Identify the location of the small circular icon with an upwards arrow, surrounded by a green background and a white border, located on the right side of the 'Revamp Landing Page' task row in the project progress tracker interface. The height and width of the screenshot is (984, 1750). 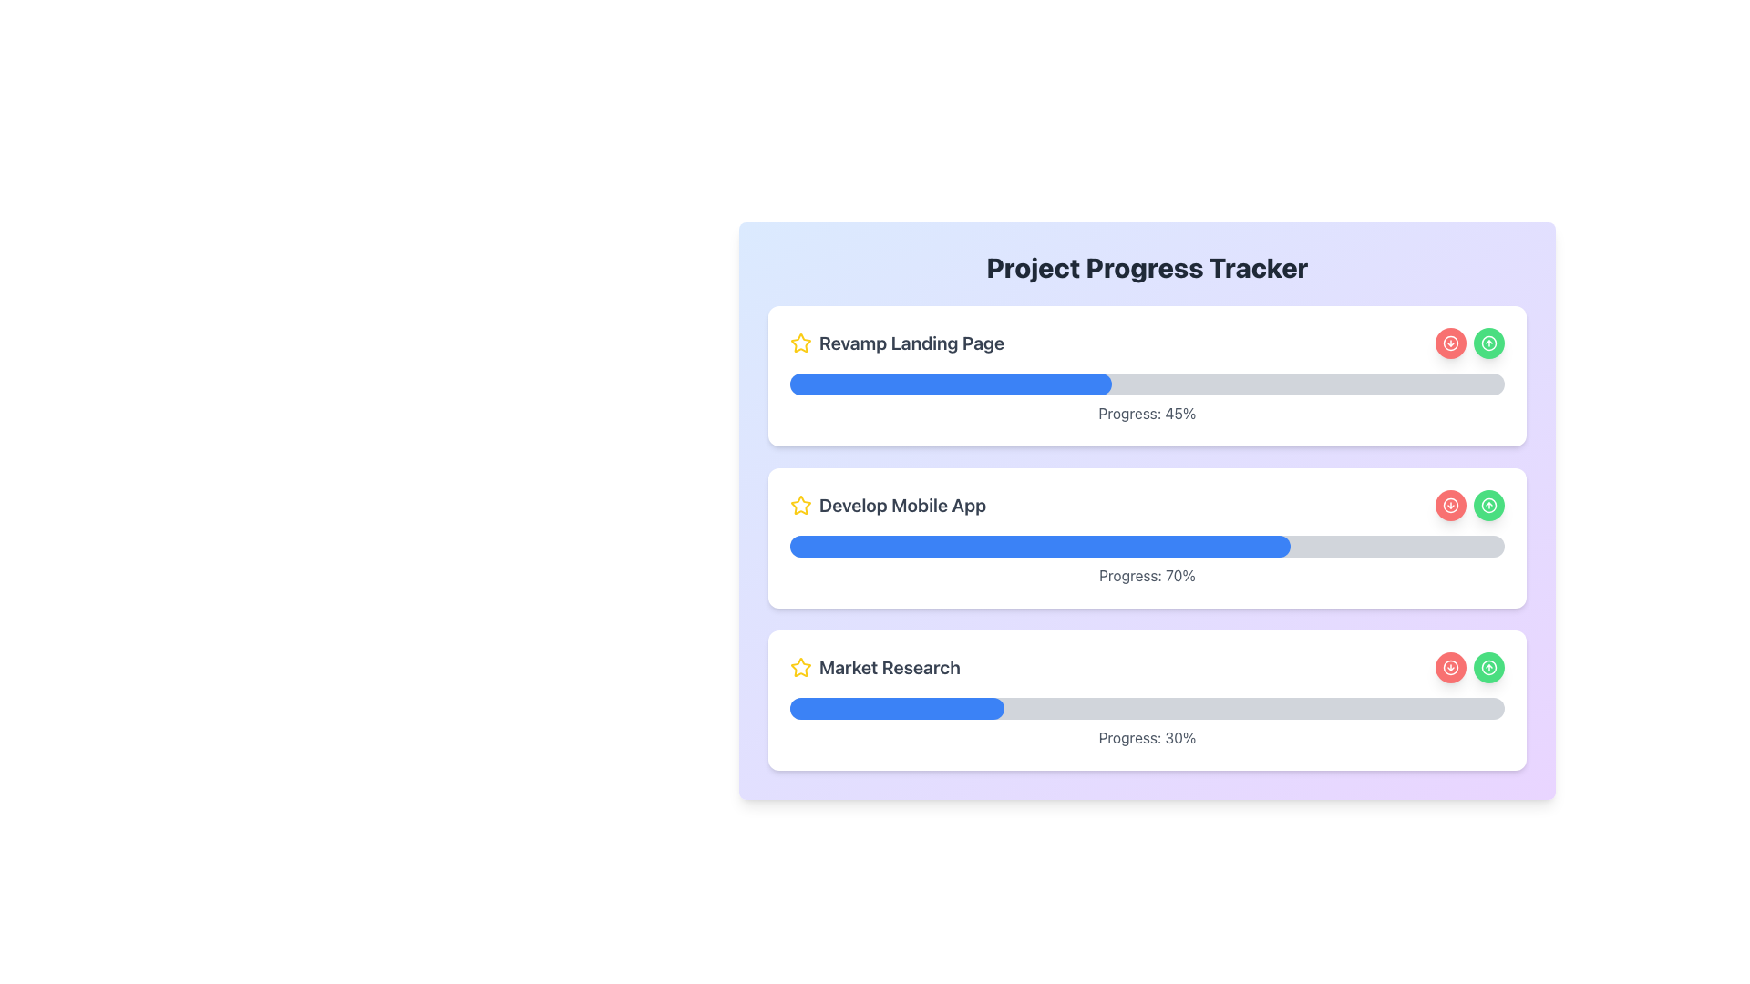
(1488, 343).